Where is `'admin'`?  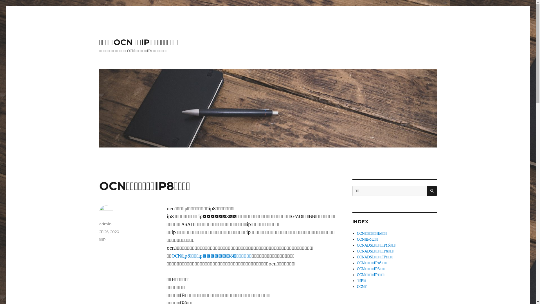 'admin' is located at coordinates (105, 223).